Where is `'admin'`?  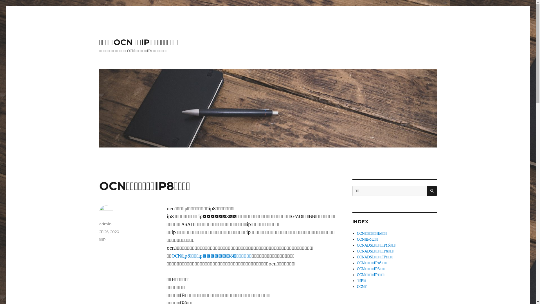 'admin' is located at coordinates (105, 223).